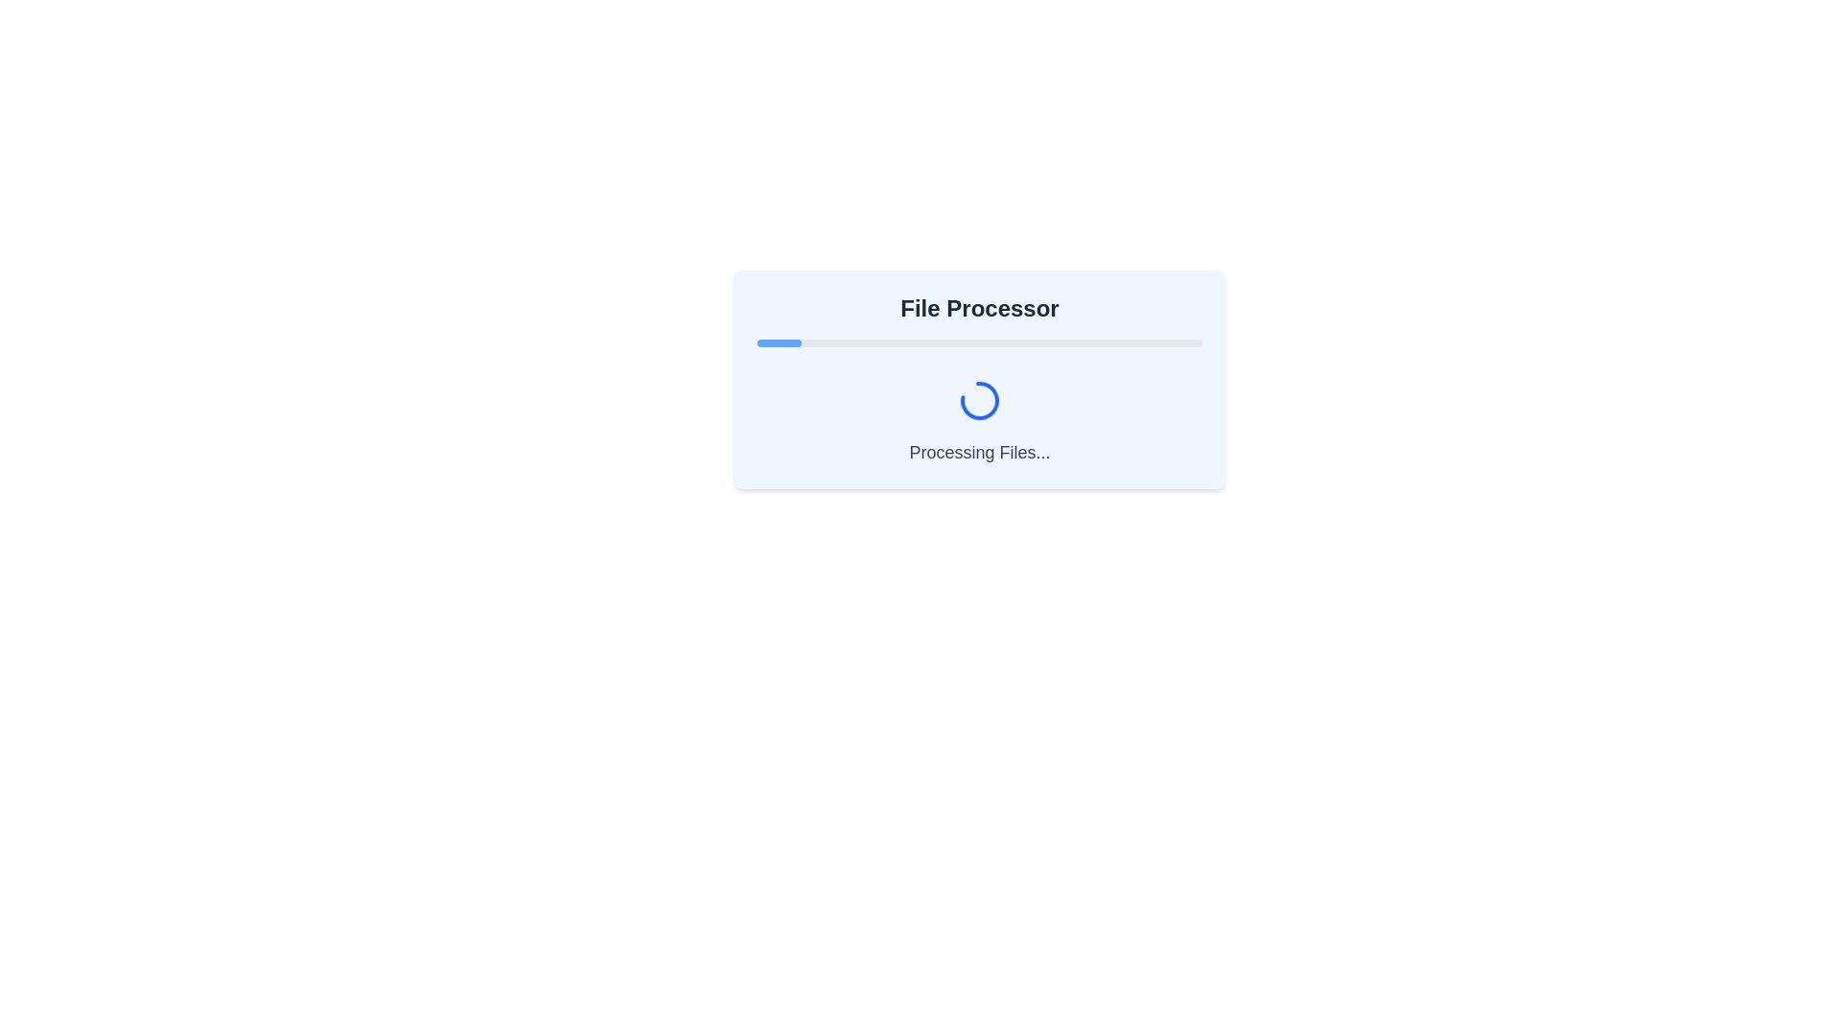 The image size is (1841, 1036). I want to click on the bold, large-sized text displaying 'File Processor' which is centrally positioned at the top of a card-like component against a light blue background, so click(980, 307).